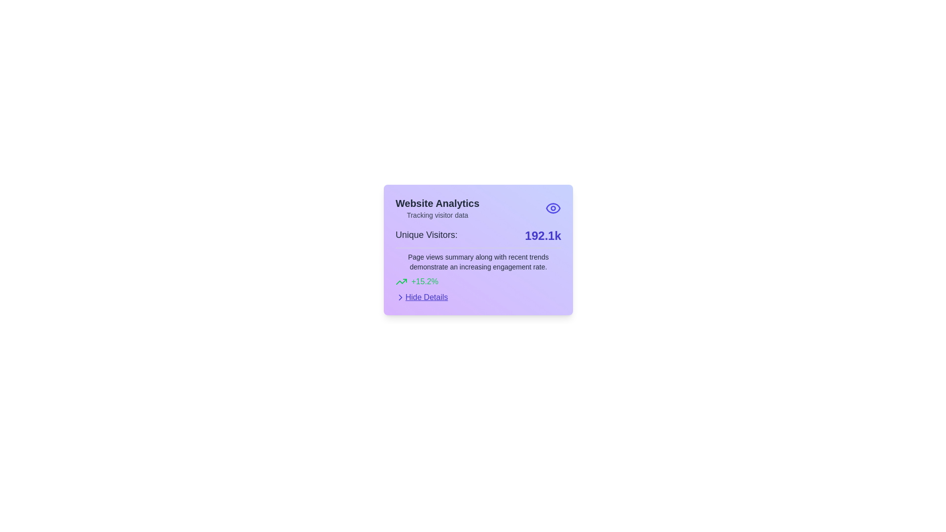 The image size is (946, 532). I want to click on the data label 'Unique Visitors:', so click(478, 235).